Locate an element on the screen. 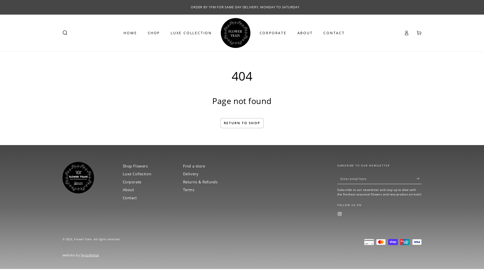 Image resolution: width=484 pixels, height=272 pixels. 'Corporate' is located at coordinates (123, 182).